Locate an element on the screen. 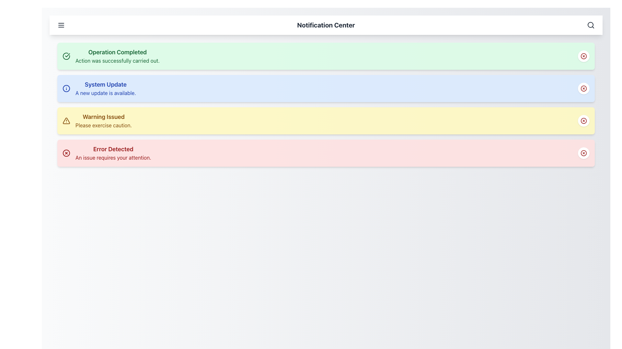 The height and width of the screenshot is (349, 622). text content of the 'System Update' notification message, which is the second notification in a vertical list, providing information about a new update available is located at coordinates (106, 88).